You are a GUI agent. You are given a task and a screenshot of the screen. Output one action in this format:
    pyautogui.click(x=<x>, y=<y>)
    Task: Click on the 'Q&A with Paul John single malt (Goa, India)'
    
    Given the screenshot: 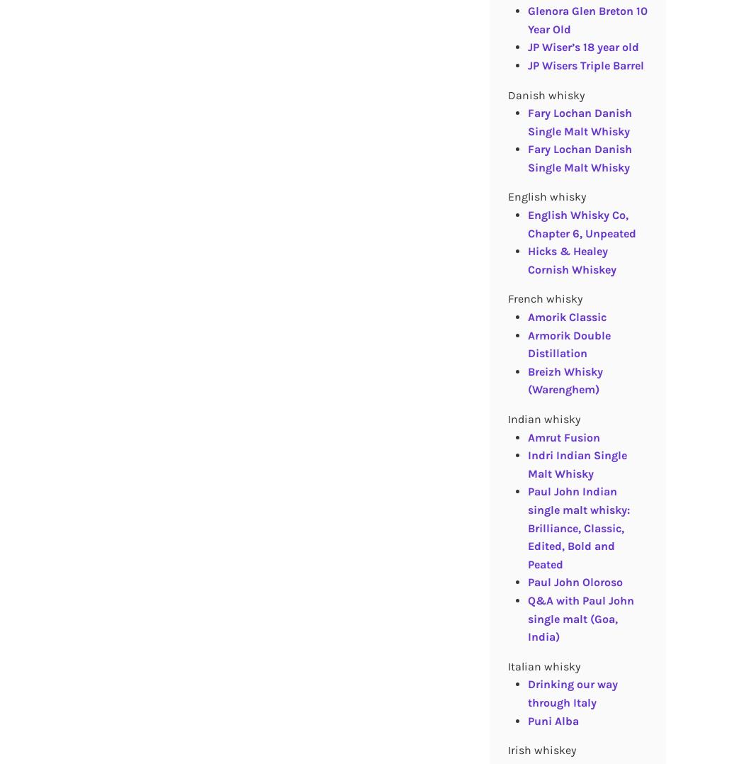 What is the action you would take?
    pyautogui.click(x=580, y=617)
    